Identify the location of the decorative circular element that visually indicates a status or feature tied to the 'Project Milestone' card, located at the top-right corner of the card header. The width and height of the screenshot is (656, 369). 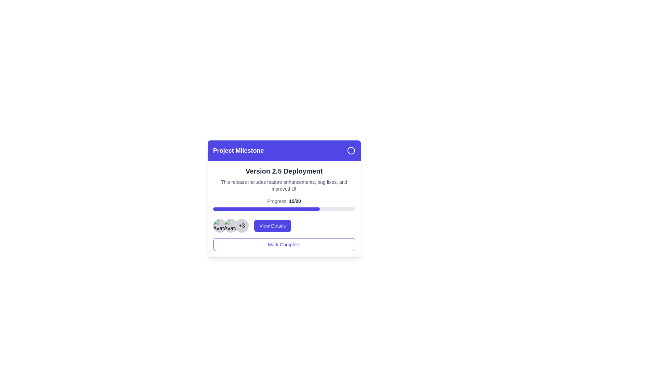
(351, 150).